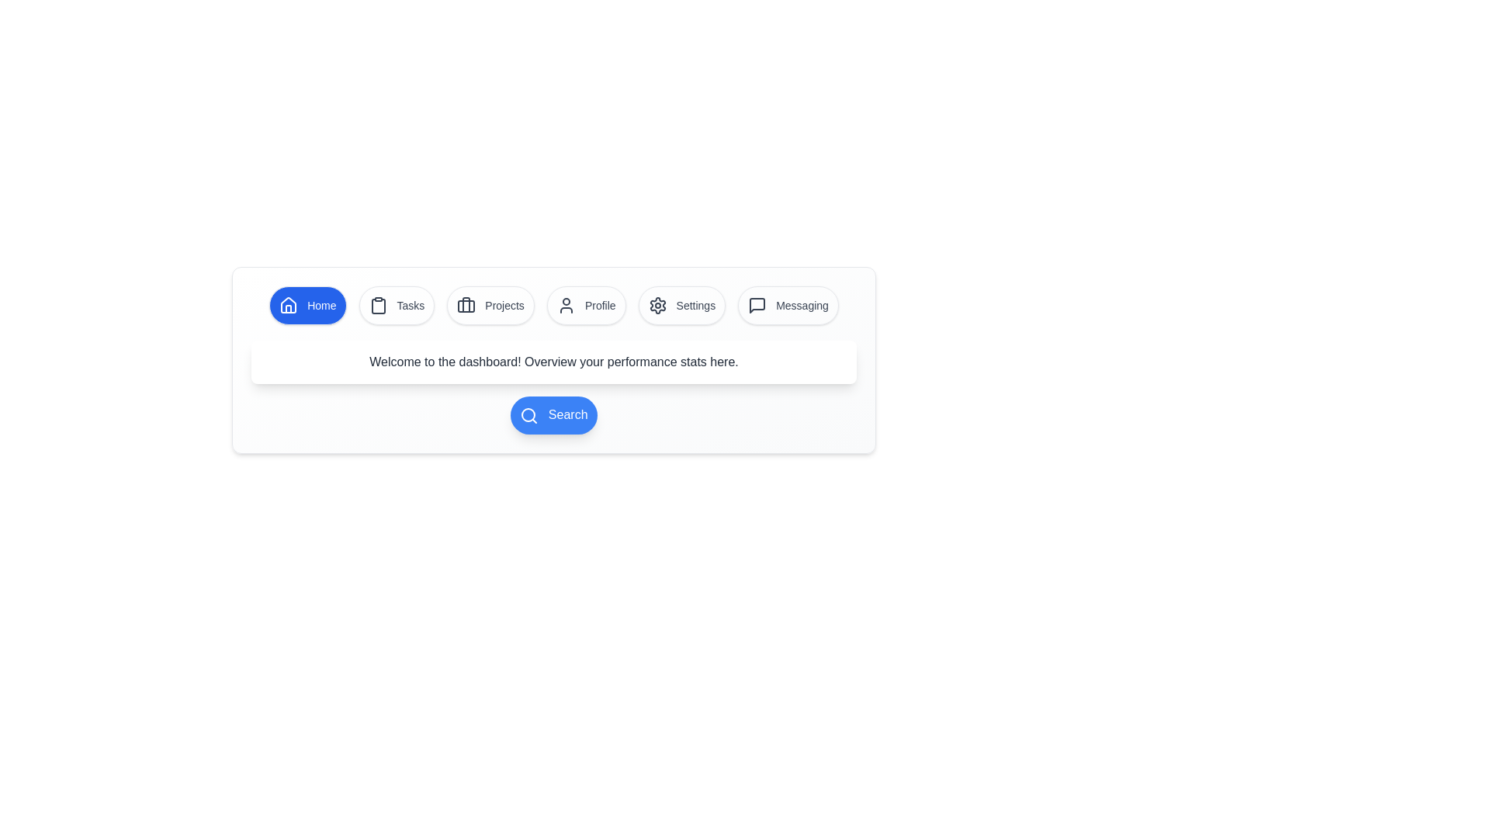 The width and height of the screenshot is (1490, 838). I want to click on the settings button, which is the fifth button in a group of horizontally aligned buttons at the center-top section of the layout, so click(681, 305).